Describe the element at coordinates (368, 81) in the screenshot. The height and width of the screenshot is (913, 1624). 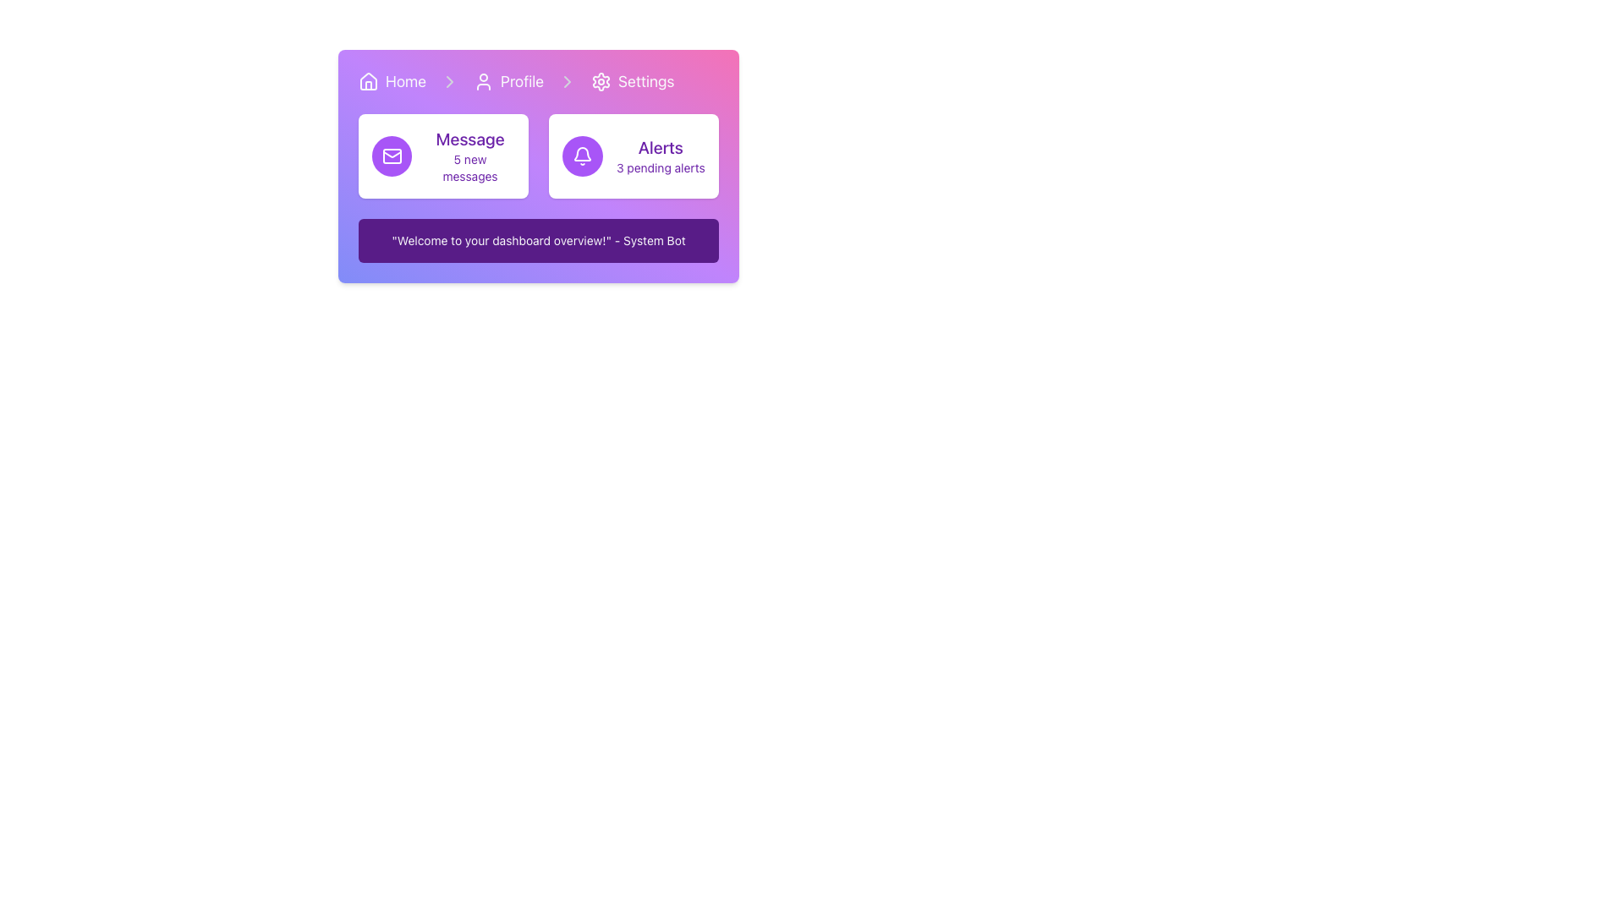
I see `the house icon located in the navigation bar at the top of the interface, which is the leftmost icon next to the 'Home' label` at that location.